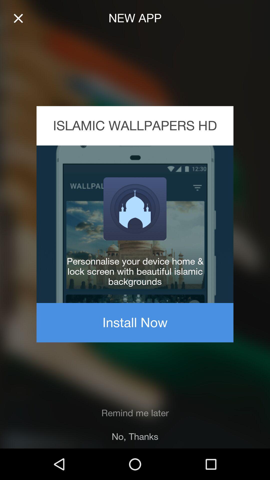 The image size is (270, 480). What do you see at coordinates (18, 18) in the screenshot?
I see `tab` at bounding box center [18, 18].